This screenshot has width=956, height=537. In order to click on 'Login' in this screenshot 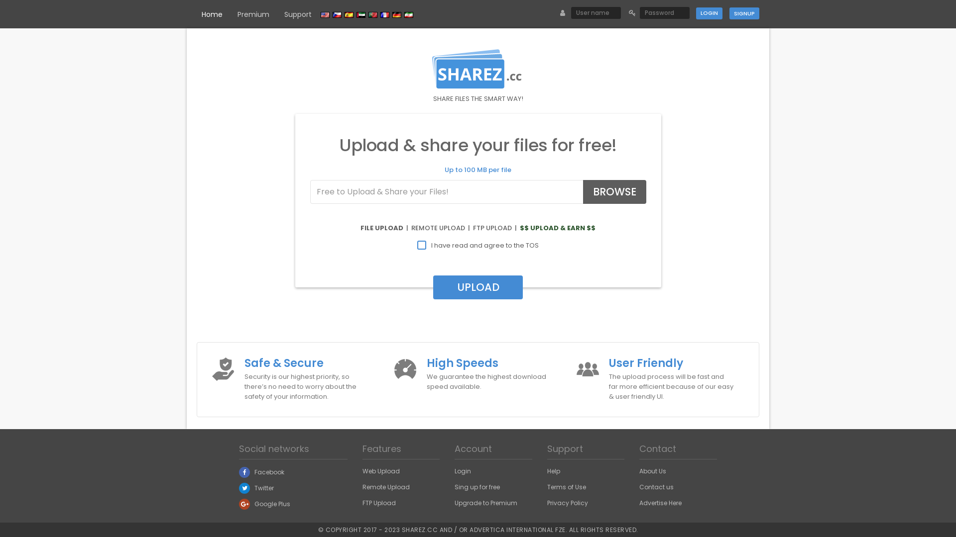, I will do `click(462, 470)`.